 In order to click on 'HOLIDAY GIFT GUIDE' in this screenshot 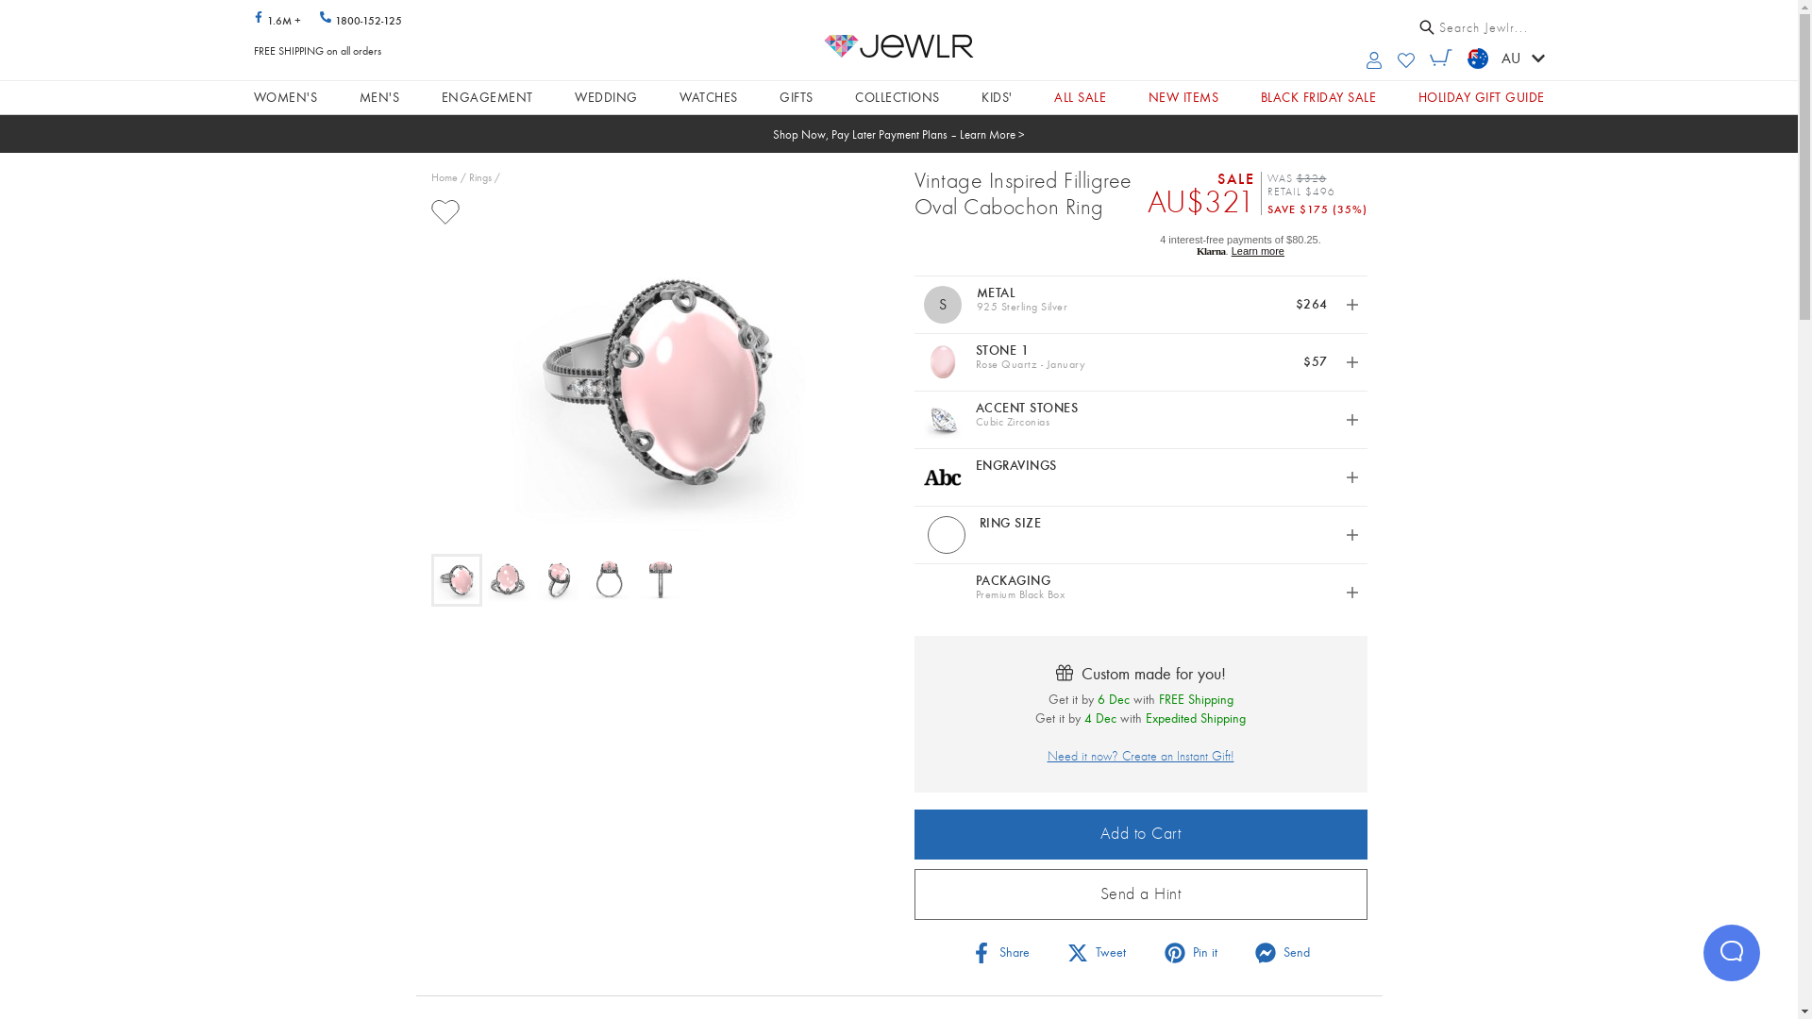, I will do `click(1480, 97)`.